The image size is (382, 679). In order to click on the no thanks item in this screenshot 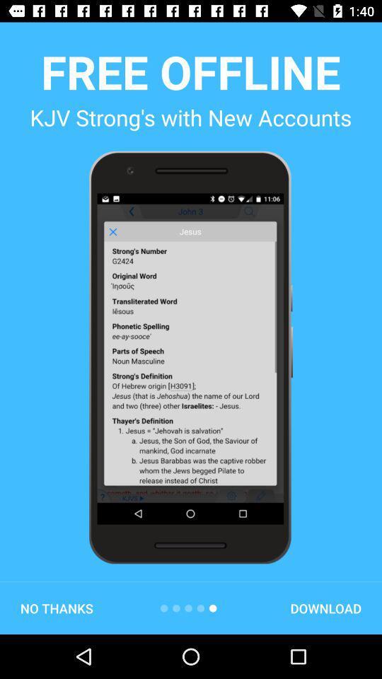, I will do `click(56, 608)`.